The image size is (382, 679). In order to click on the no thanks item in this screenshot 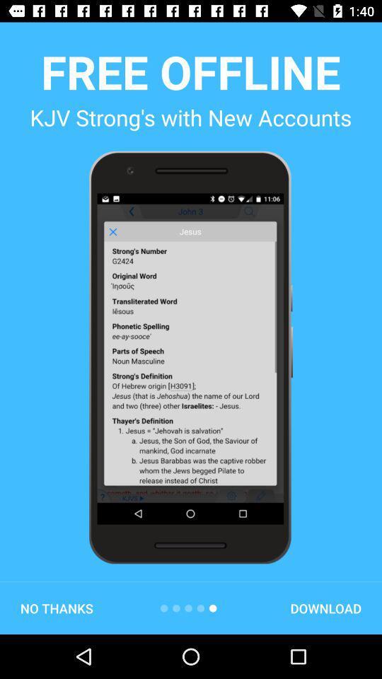, I will do `click(56, 608)`.